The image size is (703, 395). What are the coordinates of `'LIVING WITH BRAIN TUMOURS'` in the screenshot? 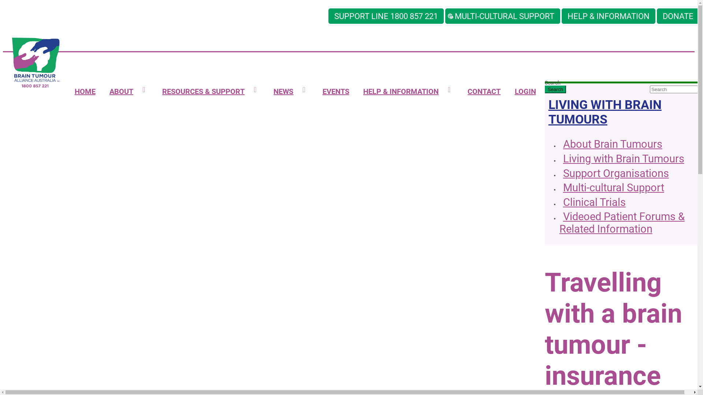 It's located at (605, 112).